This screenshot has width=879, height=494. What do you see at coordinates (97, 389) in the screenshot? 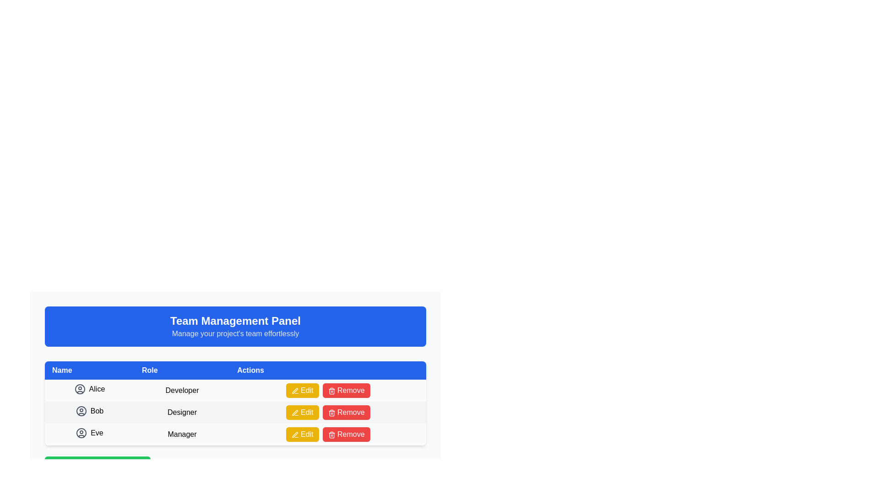
I see `text label displaying 'Alice' in black font, which is the first entry in the 'Name' column of the table, positioned next to a user profile icon` at bounding box center [97, 389].